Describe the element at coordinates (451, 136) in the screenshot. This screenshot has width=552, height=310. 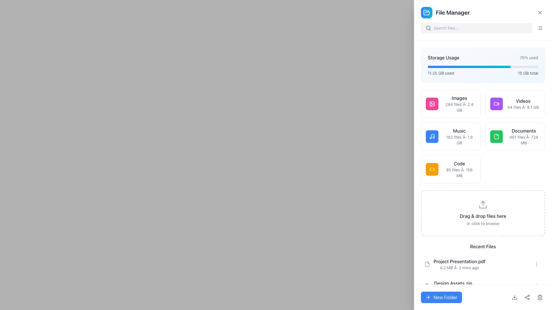
I see `the navigational button that directs the user to the 'Music' section, positioned in the third position within a grid layout of file categories, between the 'Videos' button and the 'Documents' button` at that location.